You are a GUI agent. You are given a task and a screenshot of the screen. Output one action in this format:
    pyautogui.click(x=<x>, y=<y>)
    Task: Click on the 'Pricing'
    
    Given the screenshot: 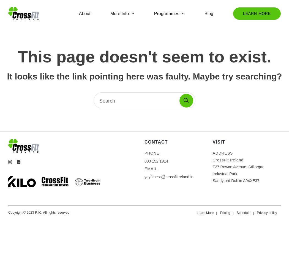 What is the action you would take?
    pyautogui.click(x=225, y=213)
    